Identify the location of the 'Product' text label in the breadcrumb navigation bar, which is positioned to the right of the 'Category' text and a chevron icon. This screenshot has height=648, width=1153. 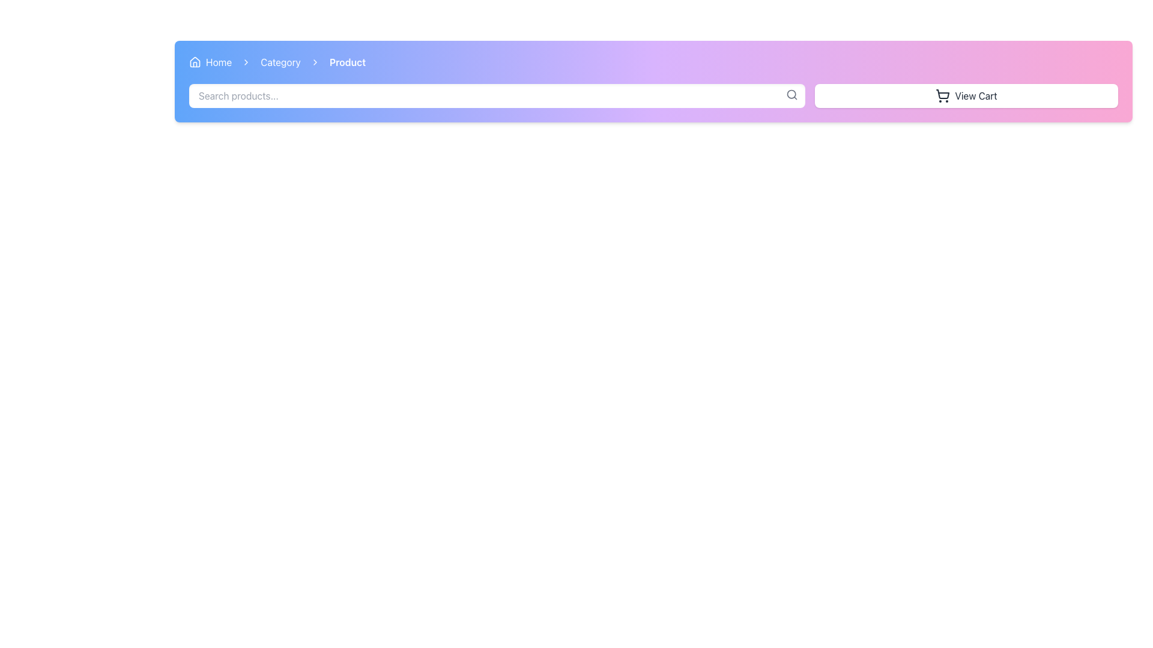
(347, 62).